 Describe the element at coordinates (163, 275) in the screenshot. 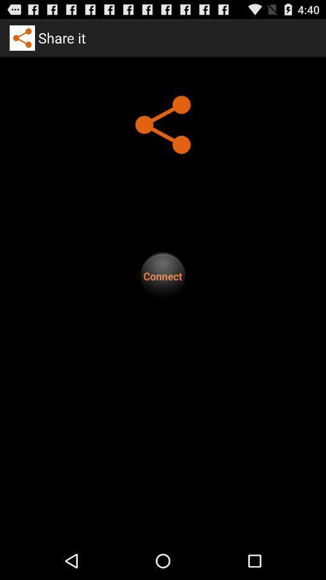

I see `click on connect` at that location.